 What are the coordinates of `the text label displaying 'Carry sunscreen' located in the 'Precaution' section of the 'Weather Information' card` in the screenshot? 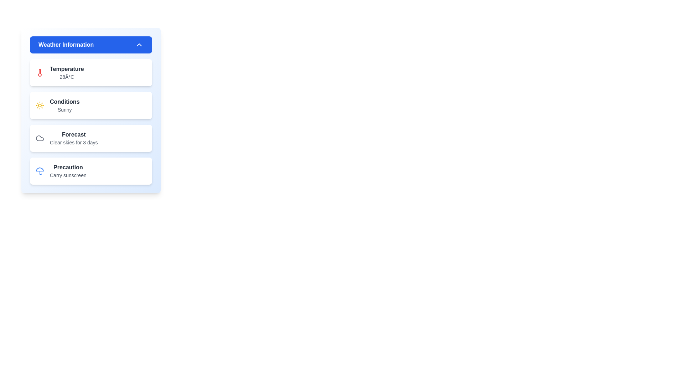 It's located at (68, 175).